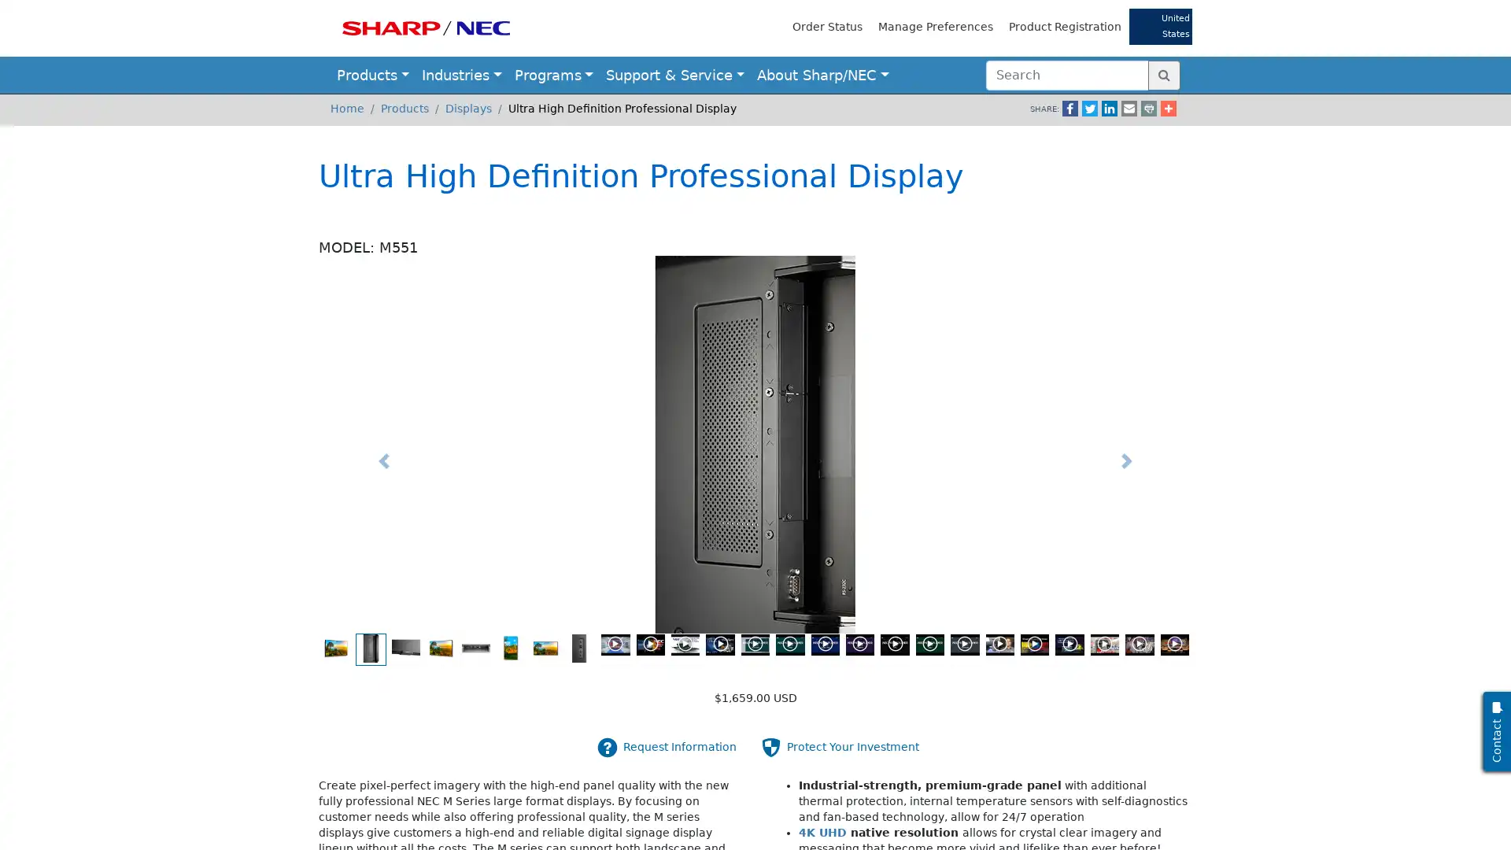  I want to click on Share to LinkedIn, so click(1085, 108).